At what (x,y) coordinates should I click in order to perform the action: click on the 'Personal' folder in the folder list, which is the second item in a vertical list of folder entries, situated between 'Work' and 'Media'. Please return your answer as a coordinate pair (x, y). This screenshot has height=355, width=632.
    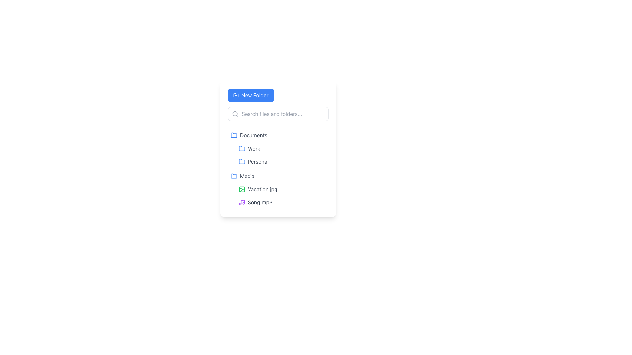
    Looking at the image, I should click on (282, 162).